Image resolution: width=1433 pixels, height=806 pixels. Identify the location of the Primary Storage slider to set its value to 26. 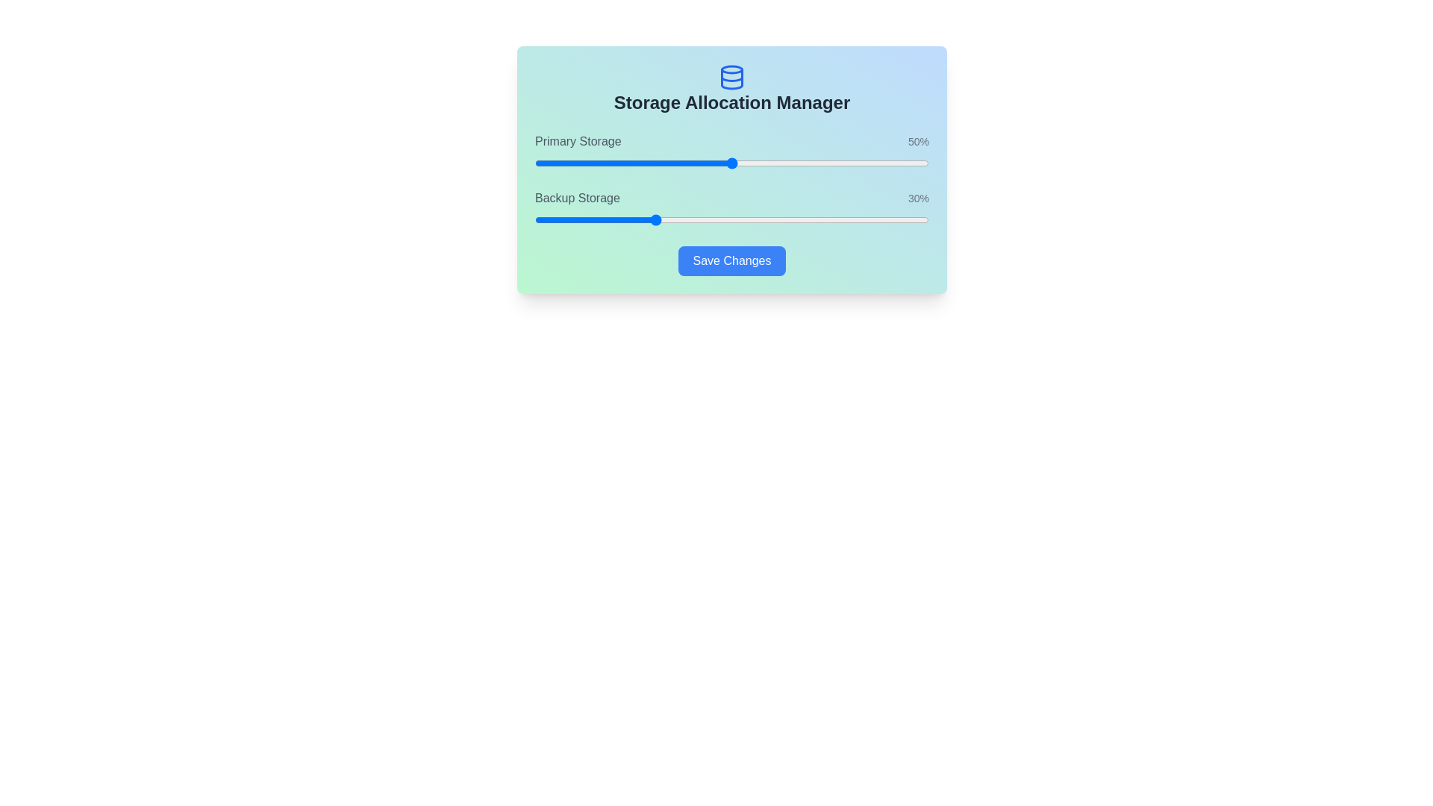
(637, 163).